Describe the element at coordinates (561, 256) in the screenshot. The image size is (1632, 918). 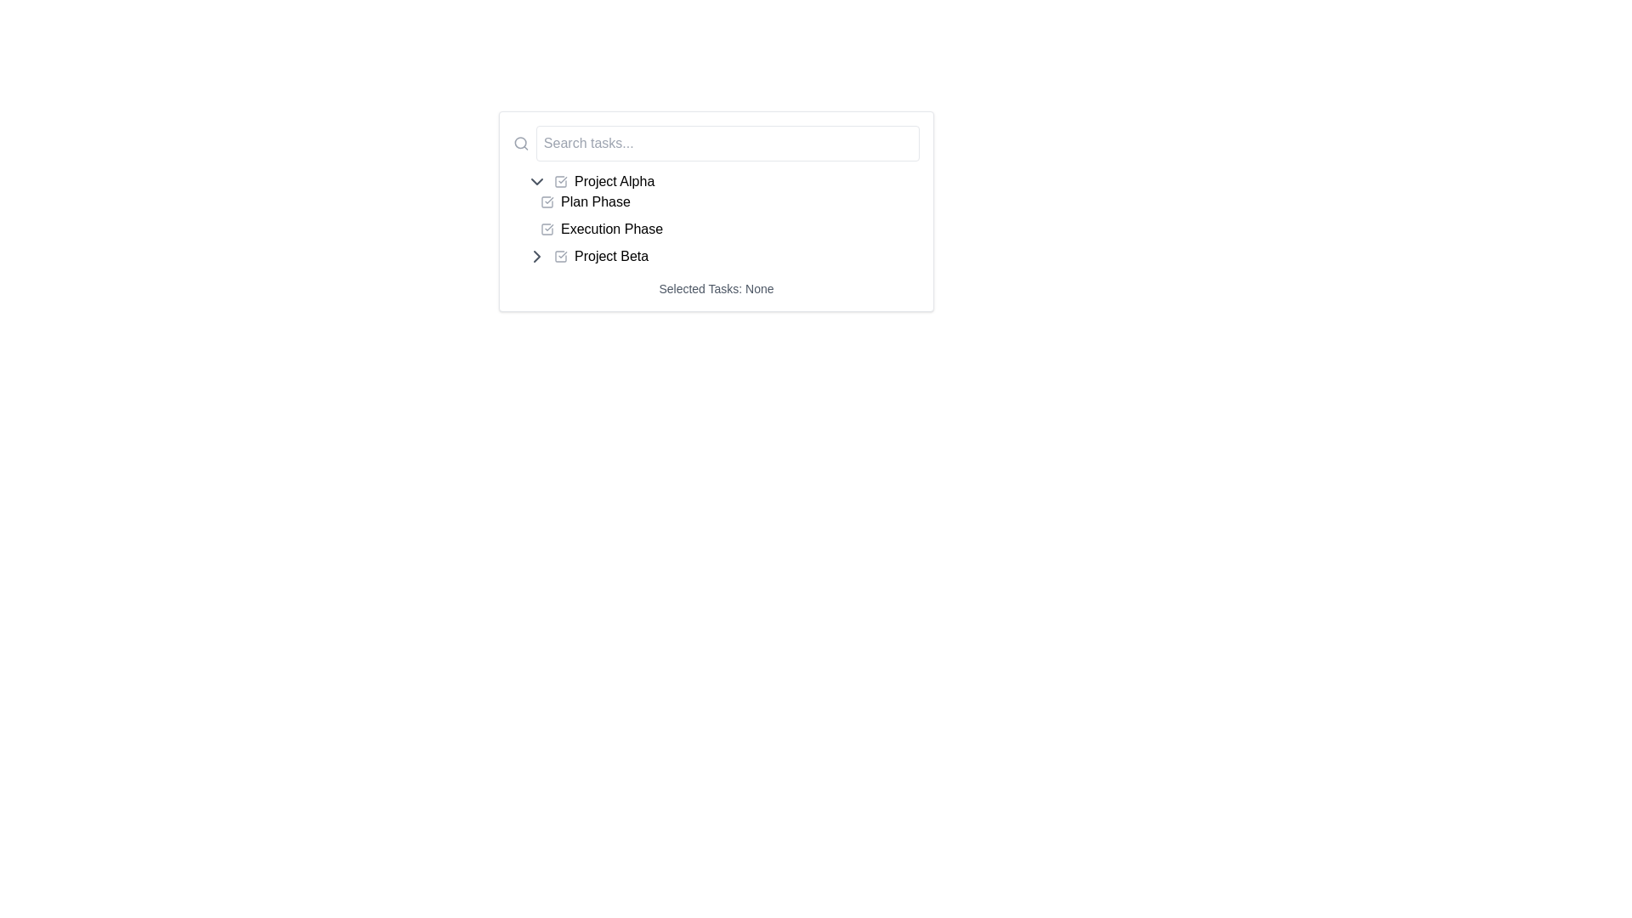
I see `the checkbox to select or deselect the 'Project Beta' item, located to the left of the text 'Project Beta'` at that location.